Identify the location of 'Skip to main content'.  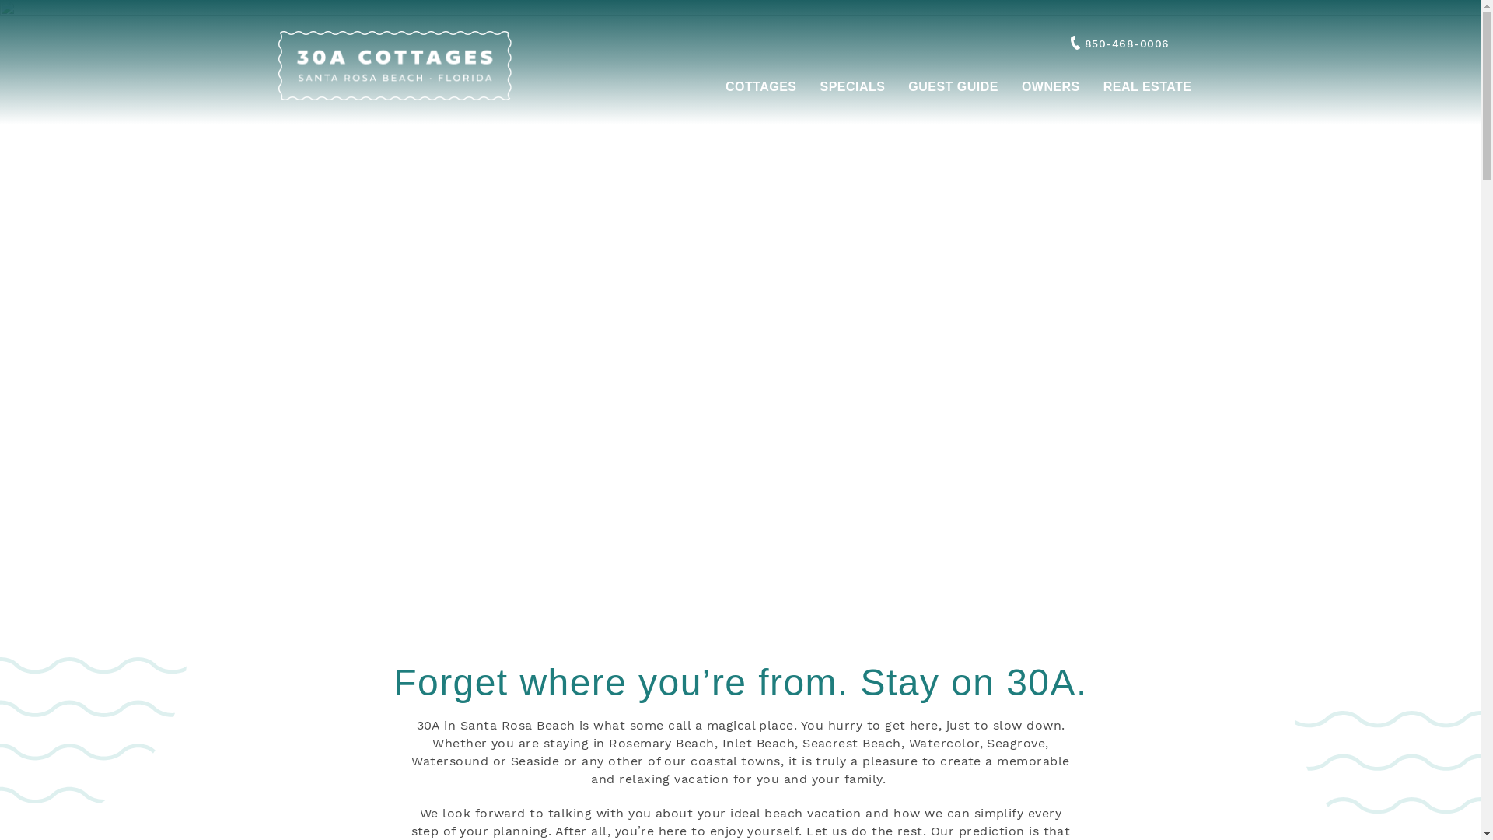
(63, 0).